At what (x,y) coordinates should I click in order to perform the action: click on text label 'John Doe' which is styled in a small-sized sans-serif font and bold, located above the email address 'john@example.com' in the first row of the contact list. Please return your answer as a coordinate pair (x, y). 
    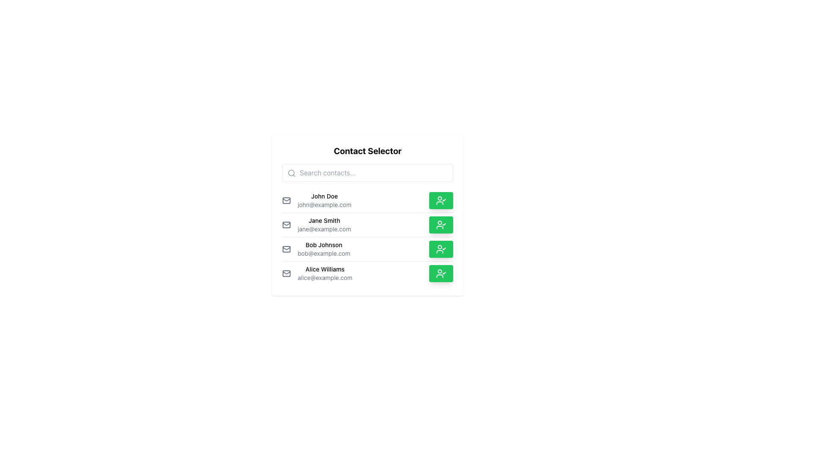
    Looking at the image, I should click on (324, 196).